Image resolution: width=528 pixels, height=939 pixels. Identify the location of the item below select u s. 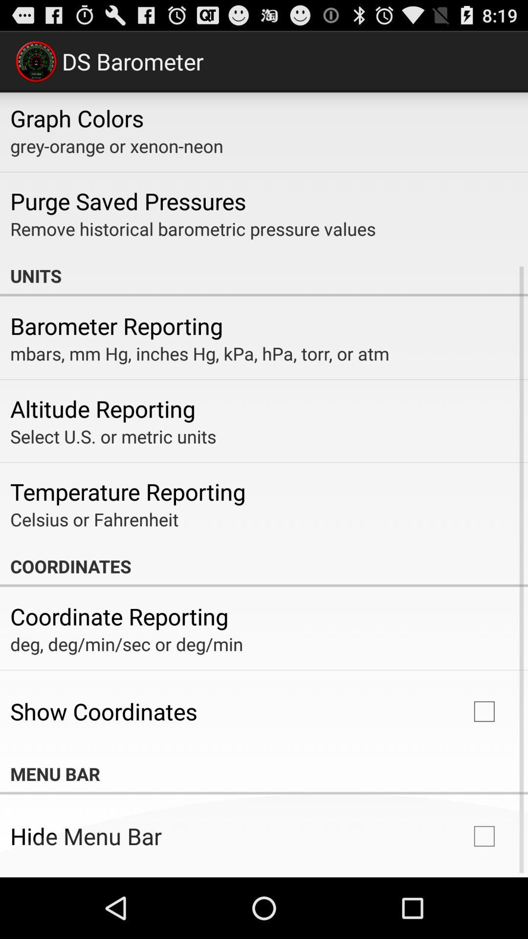
(127, 492).